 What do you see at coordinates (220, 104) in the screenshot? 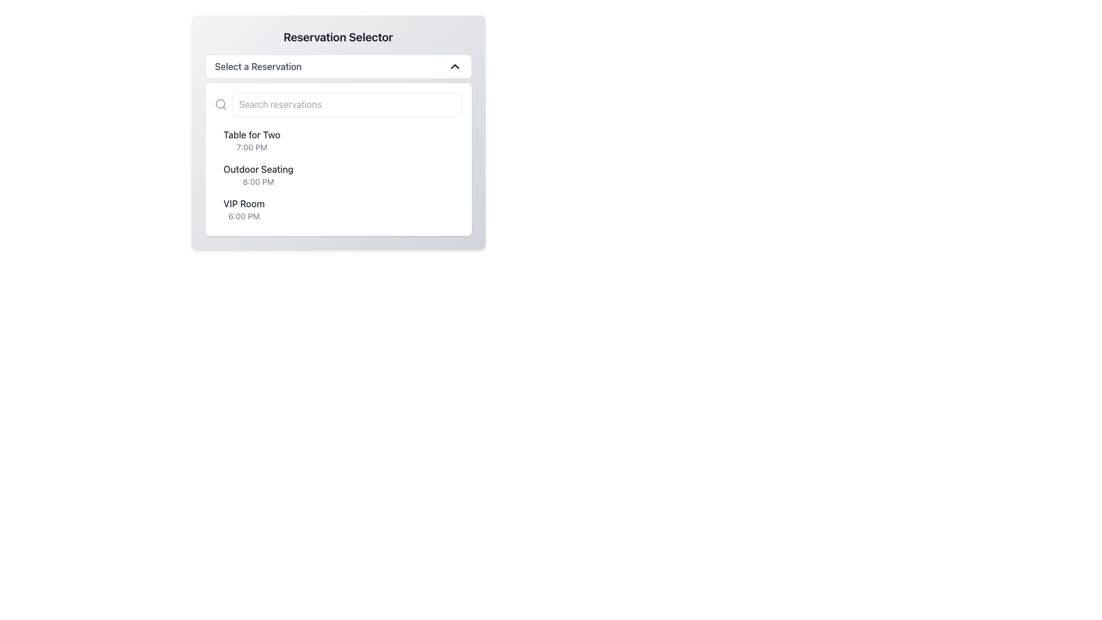
I see `the gray magnifying glass icon located to the left of the 'Search reservations' text placeholder` at bounding box center [220, 104].